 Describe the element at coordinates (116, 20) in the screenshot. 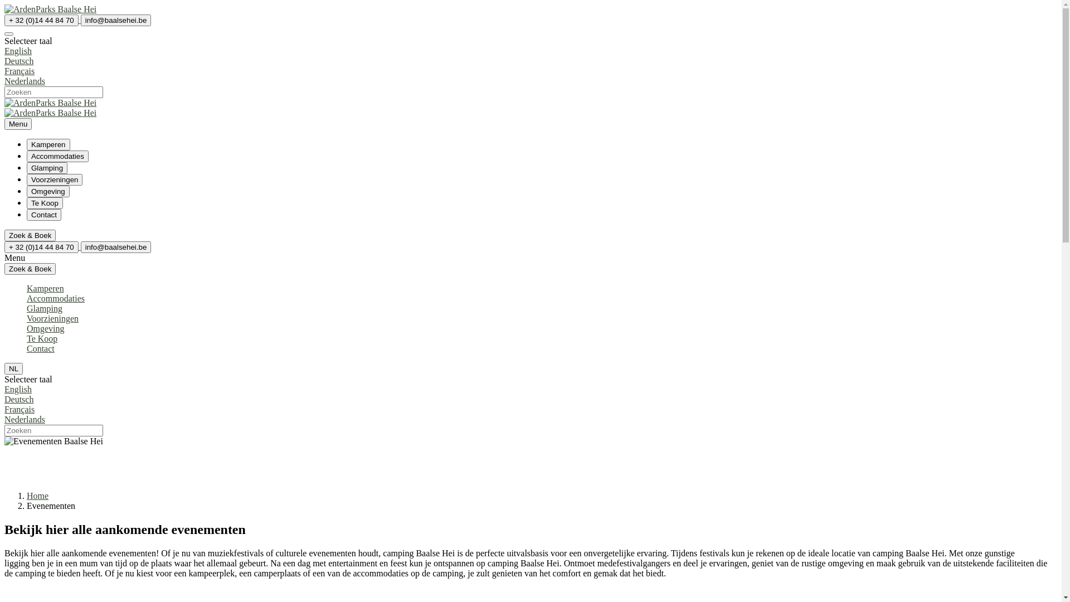

I see `'info@baalsehei.be'` at that location.